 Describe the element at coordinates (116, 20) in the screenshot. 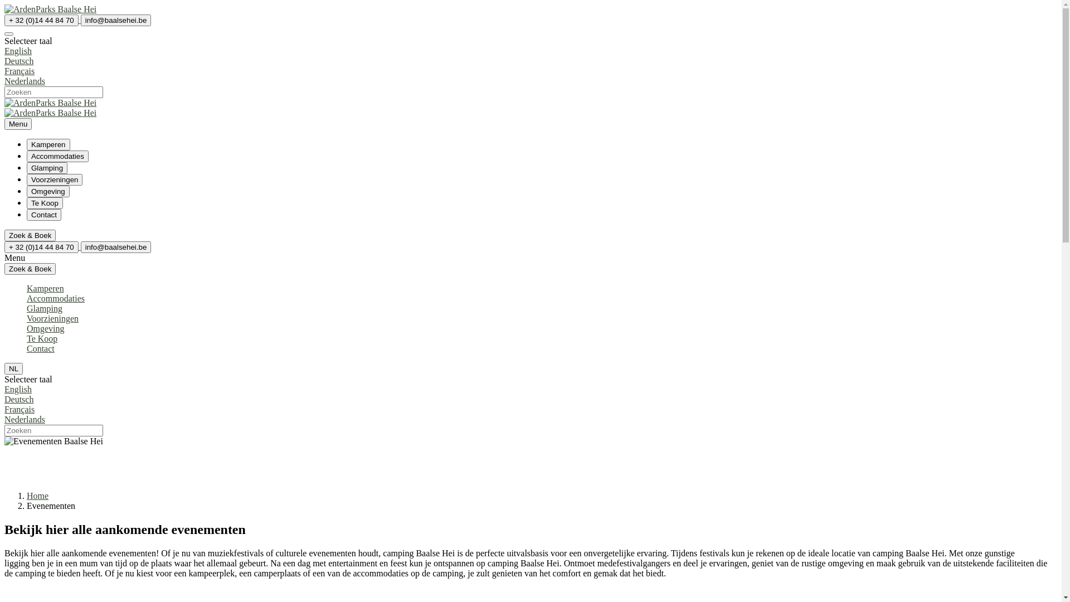

I see `'info@baalsehei.be'` at that location.